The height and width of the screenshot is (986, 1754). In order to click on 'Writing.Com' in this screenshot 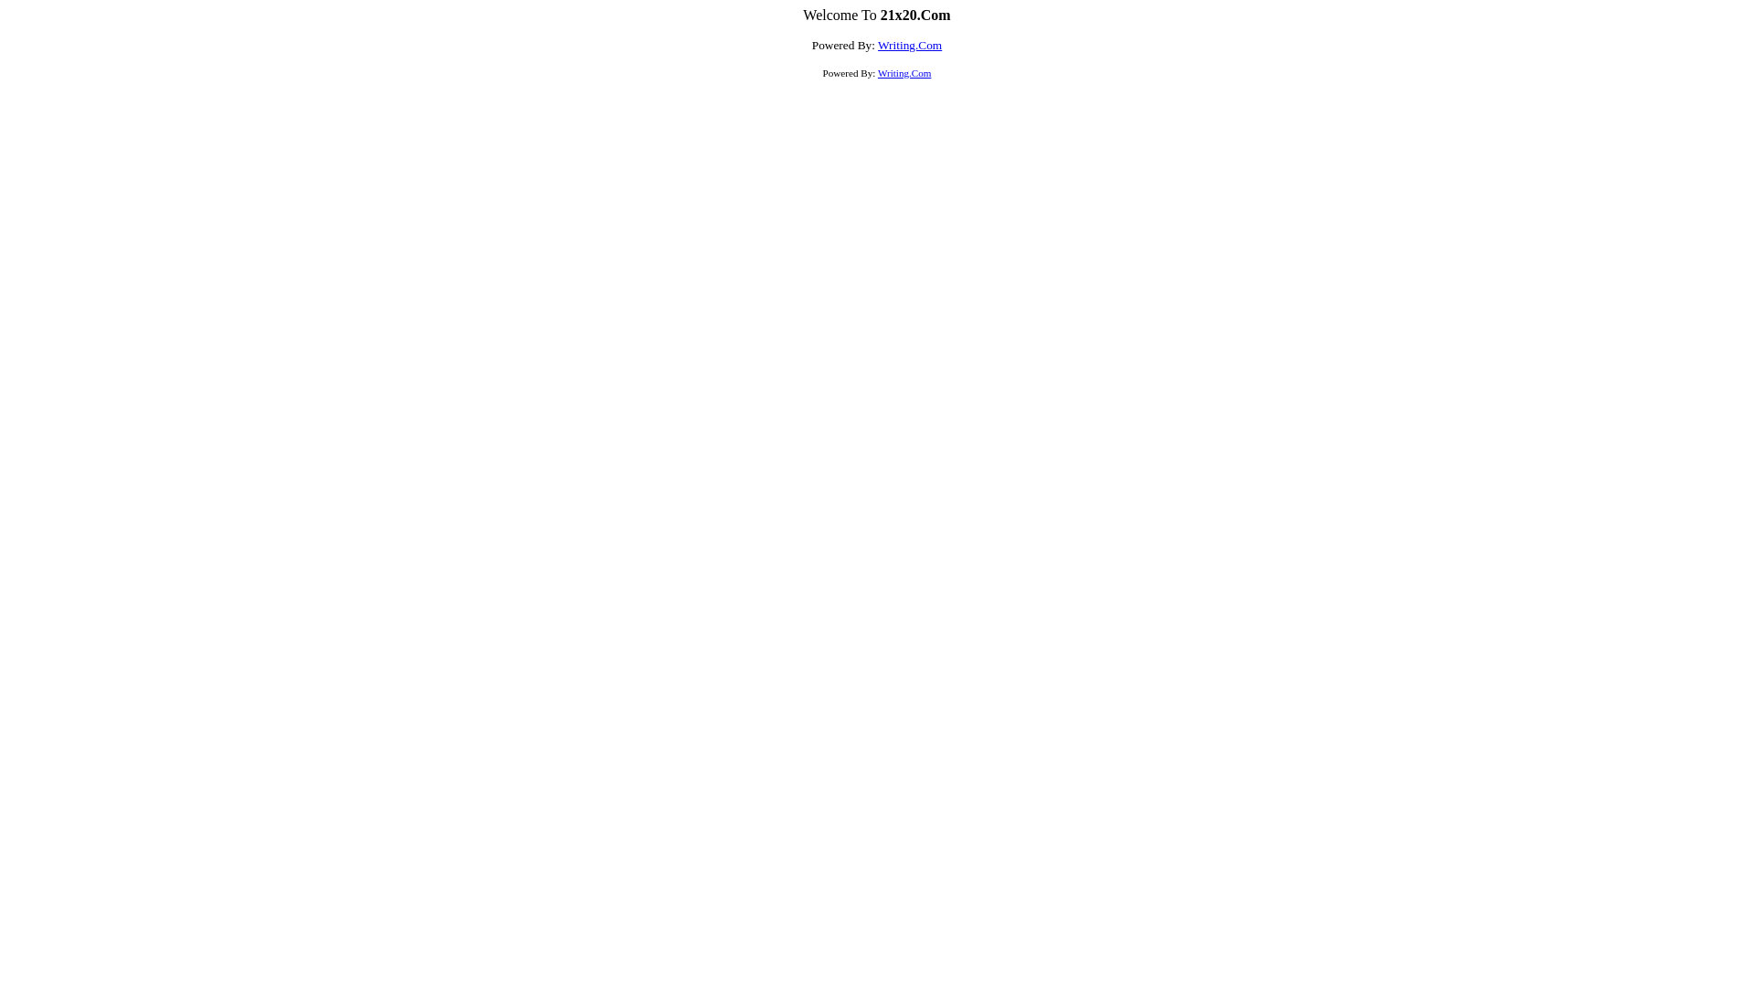, I will do `click(877, 72)`.